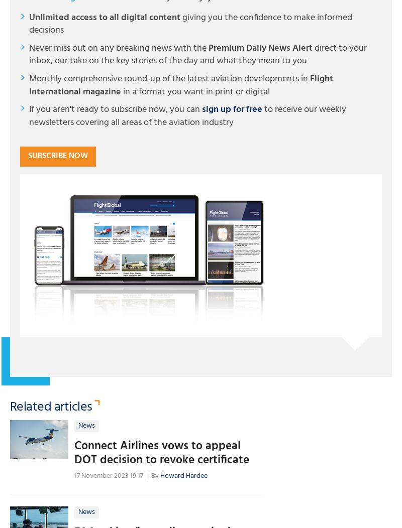 Image resolution: width=402 pixels, height=528 pixels. Describe the element at coordinates (197, 54) in the screenshot. I see `'direct to your inbox, our take on the key stories of the day and what they mean to you'` at that location.